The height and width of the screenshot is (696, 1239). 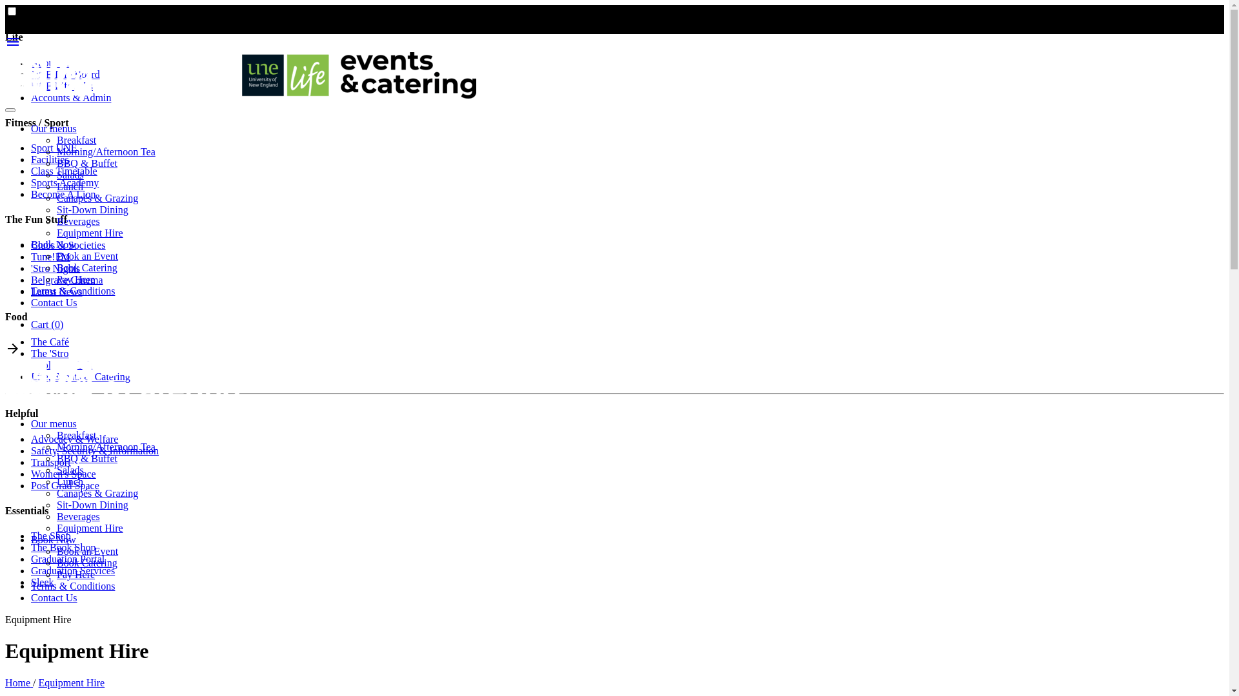 What do you see at coordinates (94, 450) in the screenshot?
I see `'Safety, Security & Information'` at bounding box center [94, 450].